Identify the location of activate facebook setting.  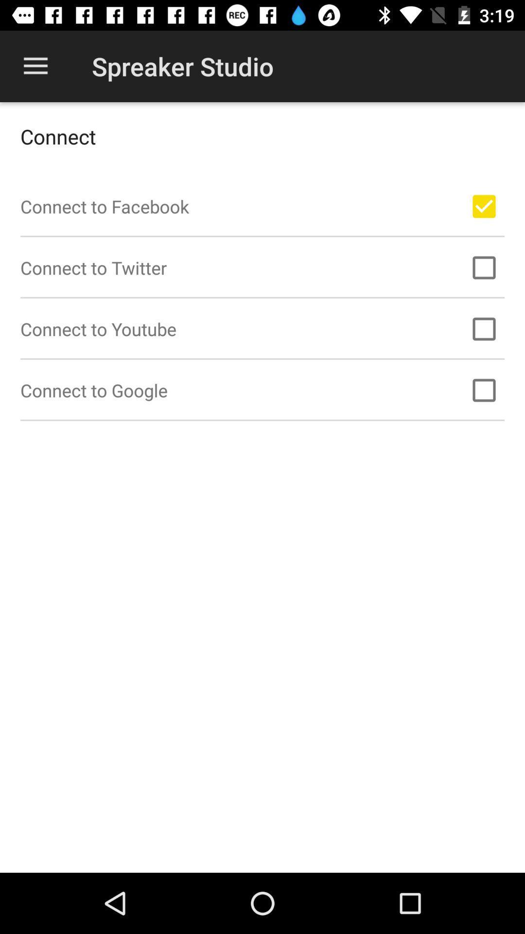
(484, 206).